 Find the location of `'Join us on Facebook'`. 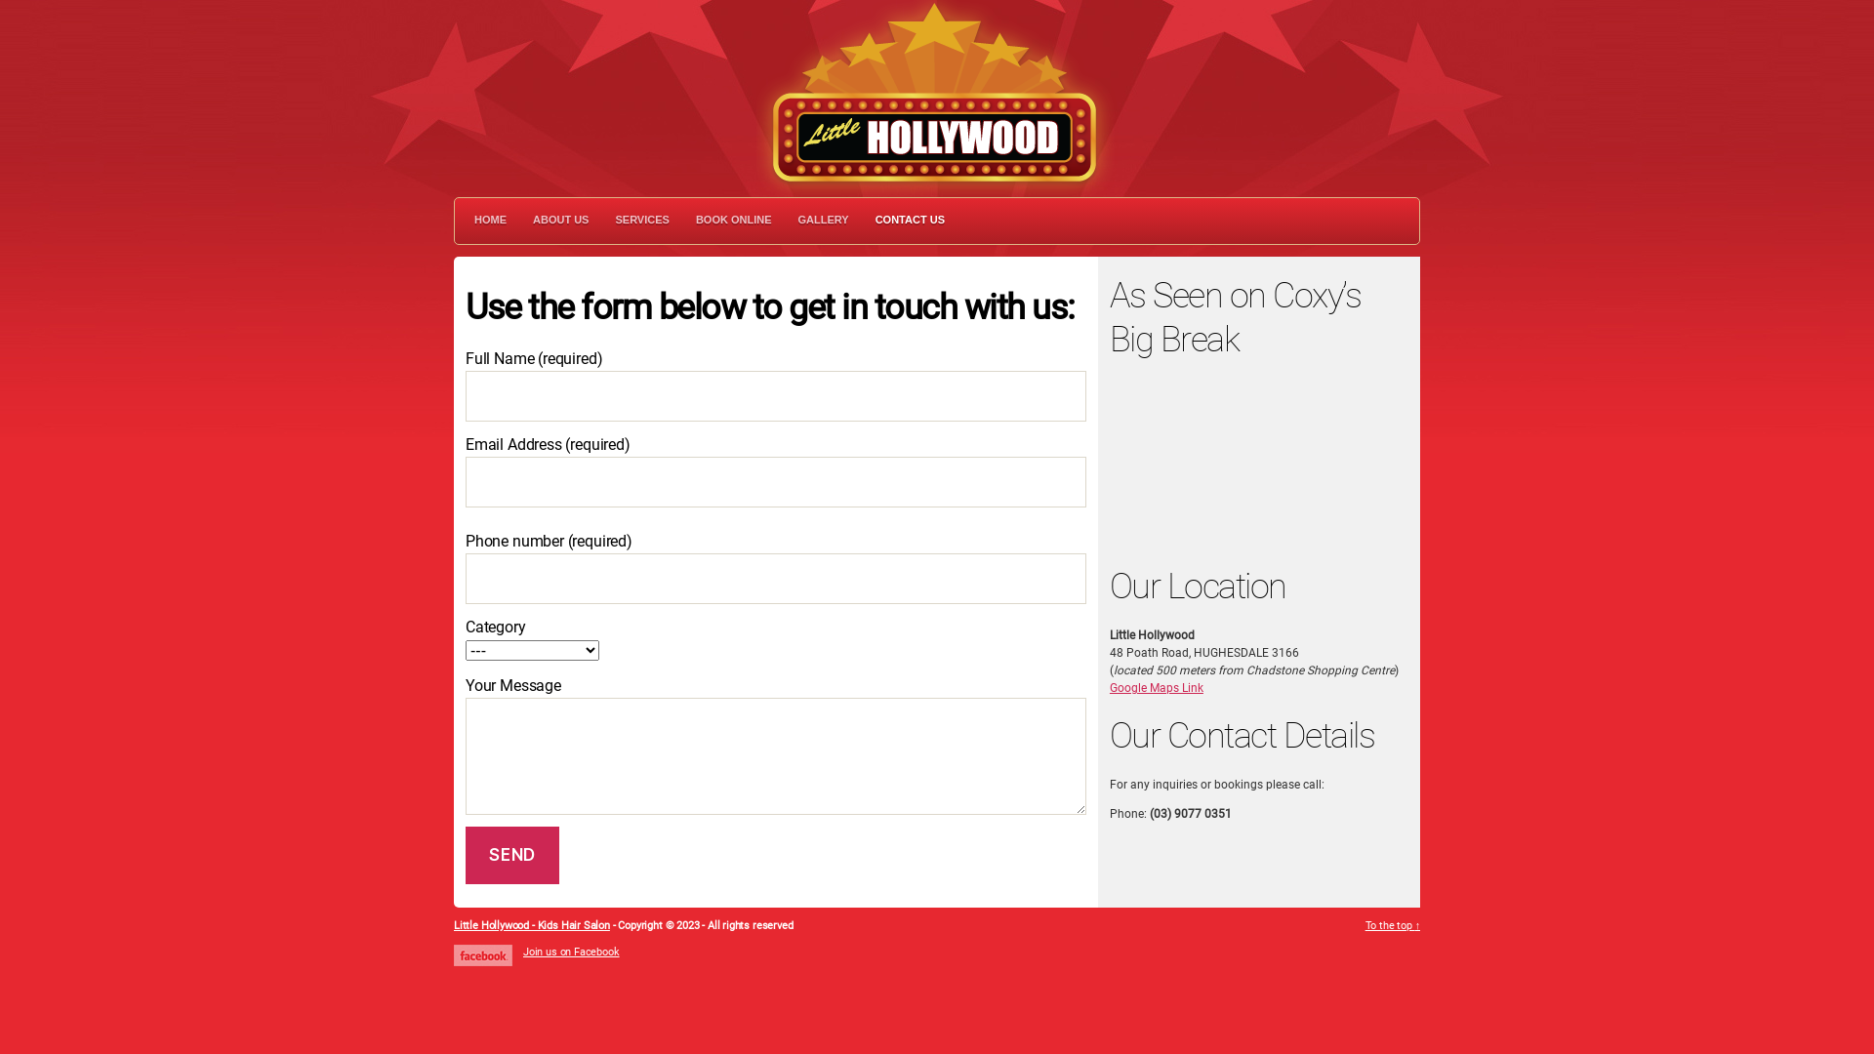

'Join us on Facebook' is located at coordinates (570, 951).